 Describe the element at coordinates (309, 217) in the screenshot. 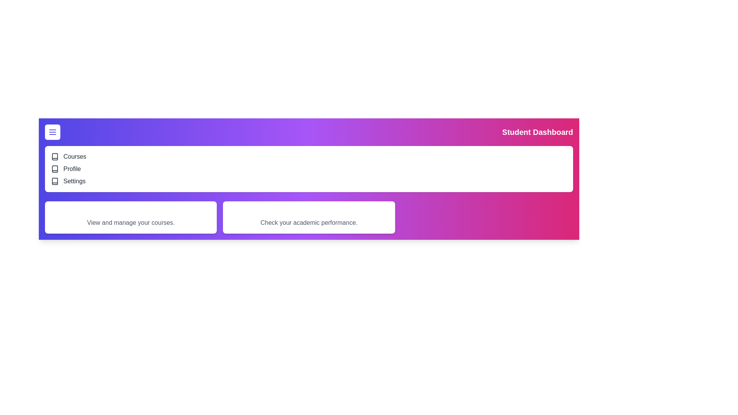

I see `the Grades card to interact with its content` at that location.